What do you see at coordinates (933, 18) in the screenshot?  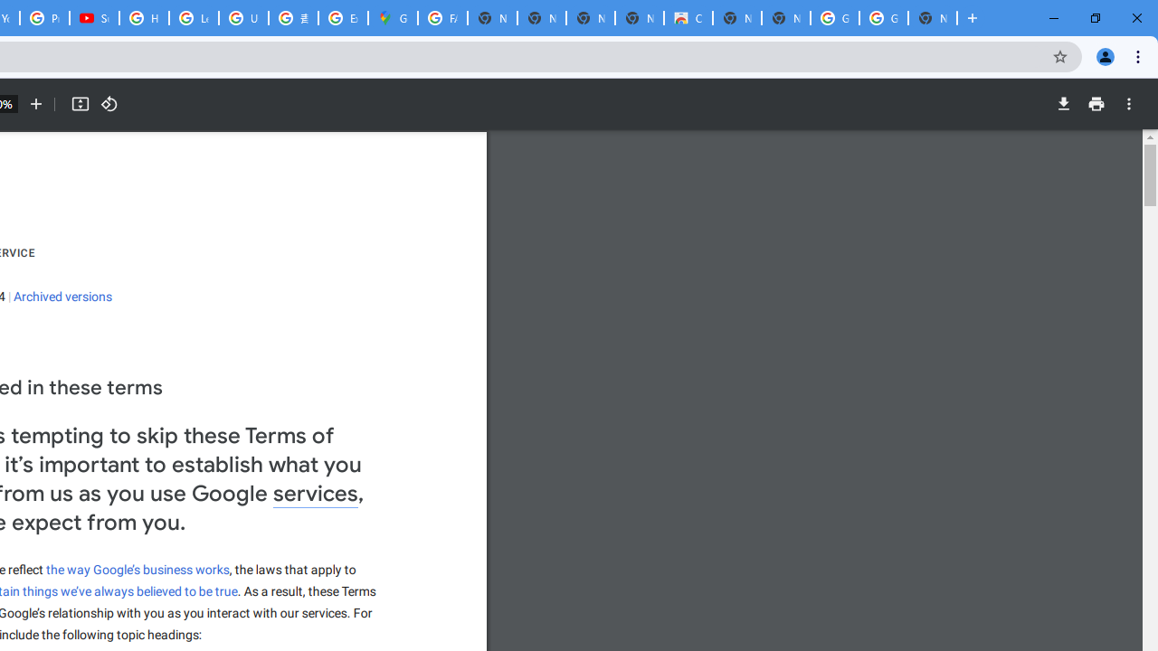 I see `'New Tab'` at bounding box center [933, 18].